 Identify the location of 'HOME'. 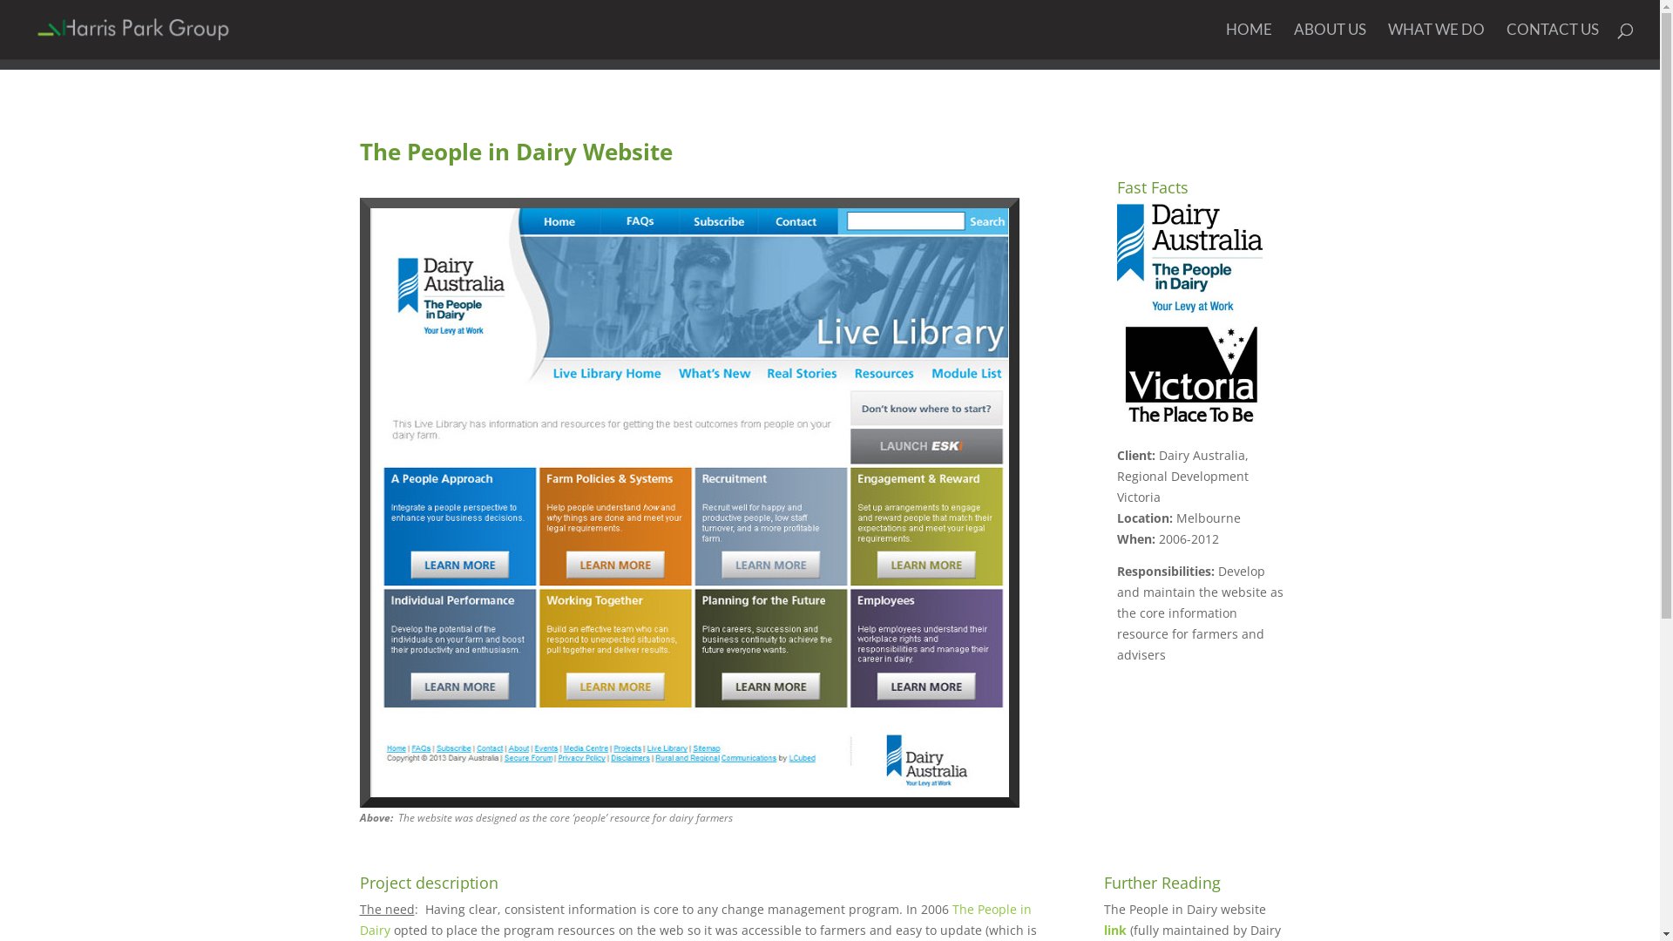
(1248, 40).